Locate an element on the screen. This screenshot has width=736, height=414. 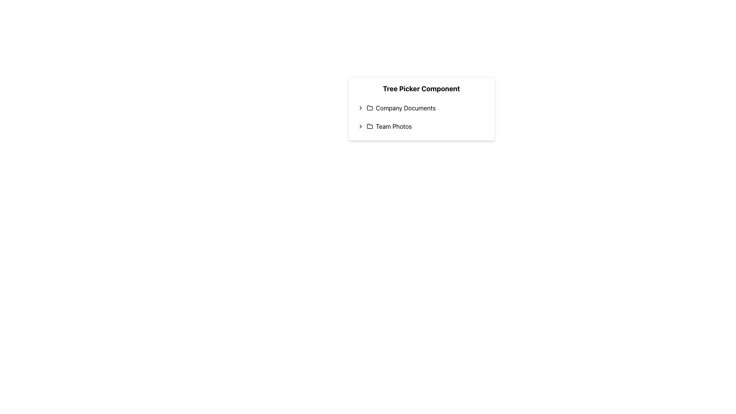
the folder icon in the 'Company Documents' section, which is positioned immediately to the right of the chevron icon and is part of a clickable group is located at coordinates (370, 108).